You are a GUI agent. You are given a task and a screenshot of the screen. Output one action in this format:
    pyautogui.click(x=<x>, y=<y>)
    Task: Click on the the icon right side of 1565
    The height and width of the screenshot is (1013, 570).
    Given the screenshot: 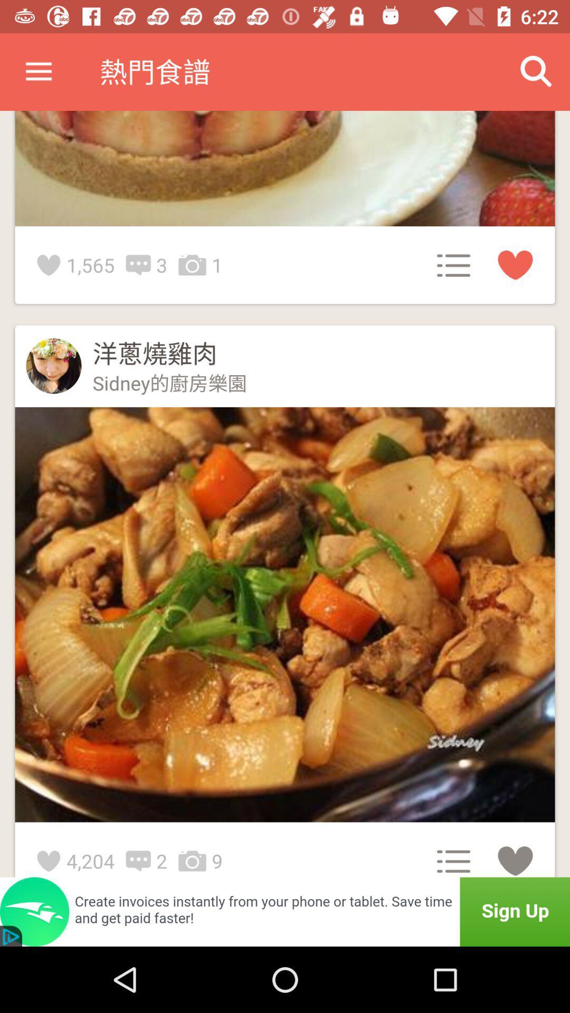 What is the action you would take?
    pyautogui.click(x=140, y=265)
    